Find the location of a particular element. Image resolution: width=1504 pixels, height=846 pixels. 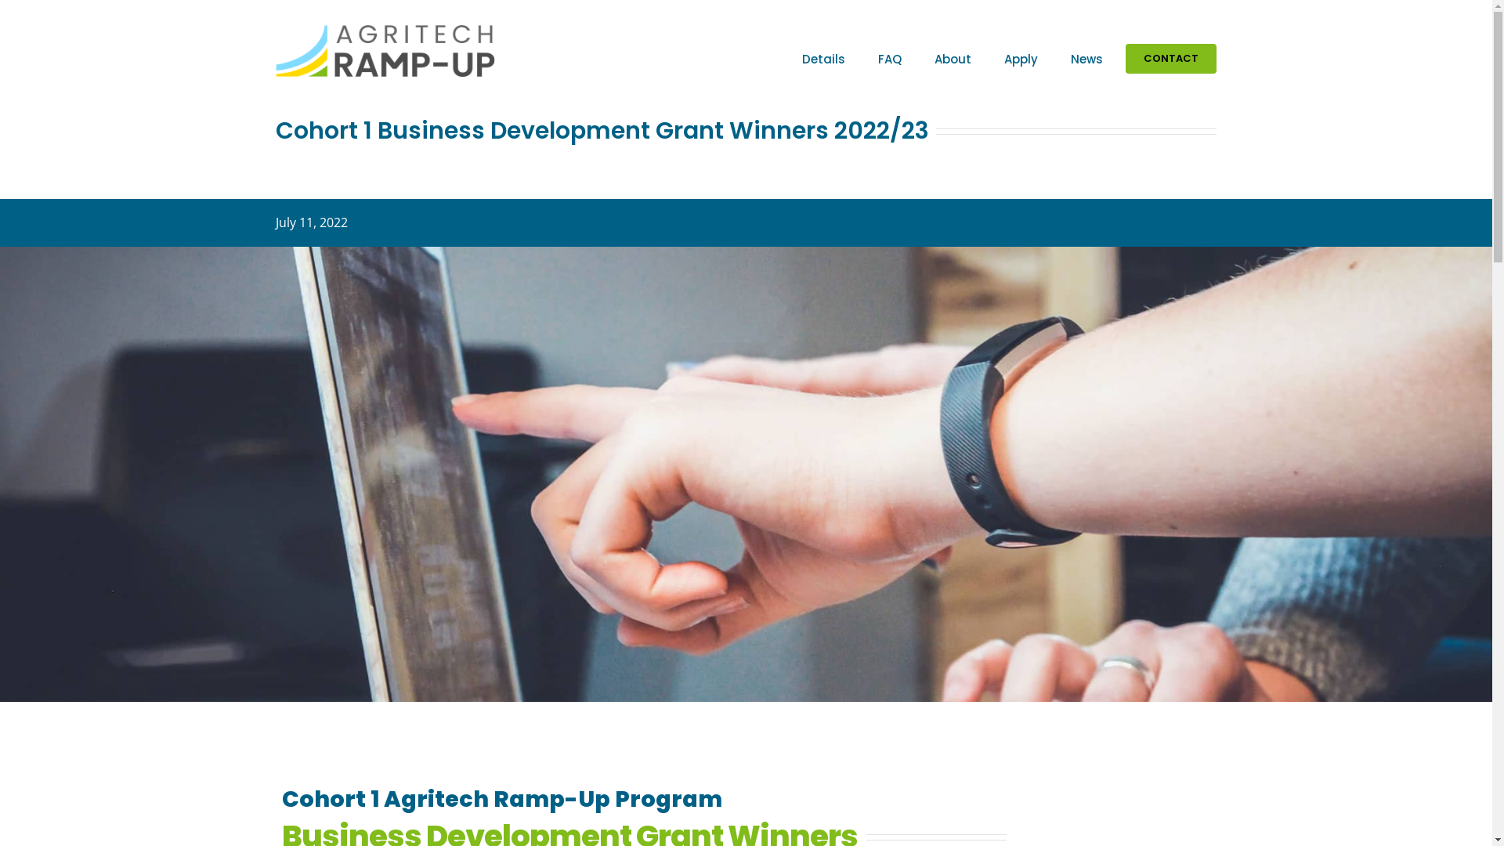

'News' is located at coordinates (1060, 57).